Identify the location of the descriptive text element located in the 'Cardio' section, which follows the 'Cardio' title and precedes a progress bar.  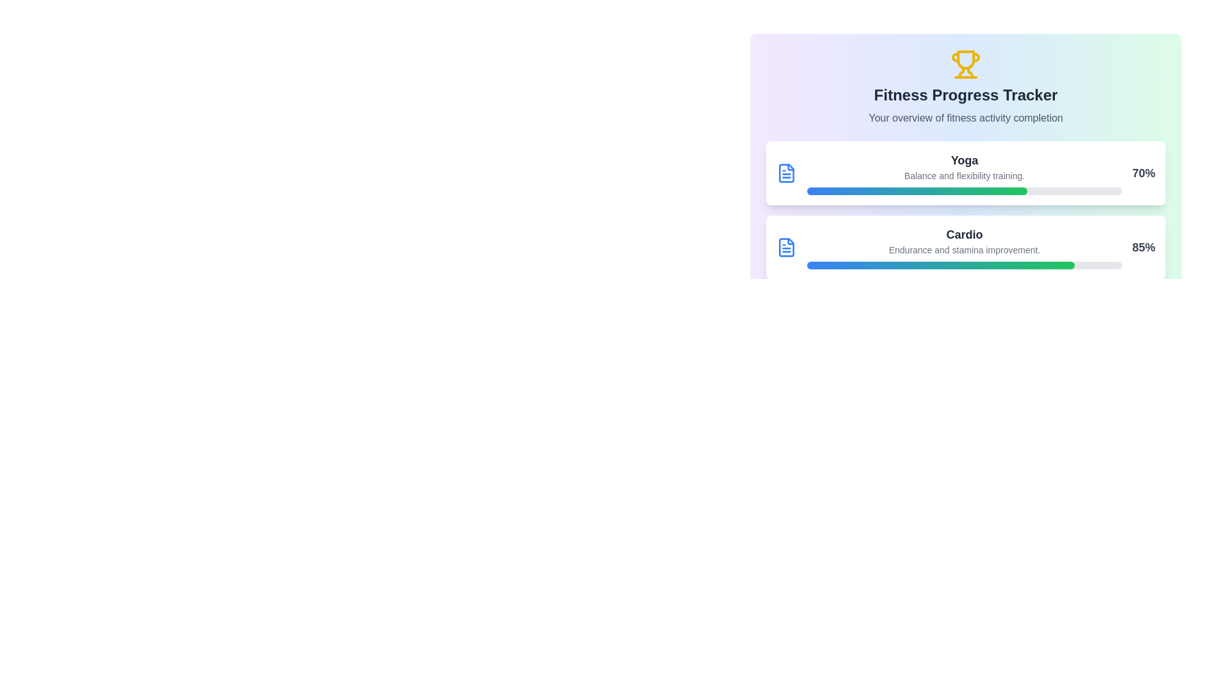
(965, 250).